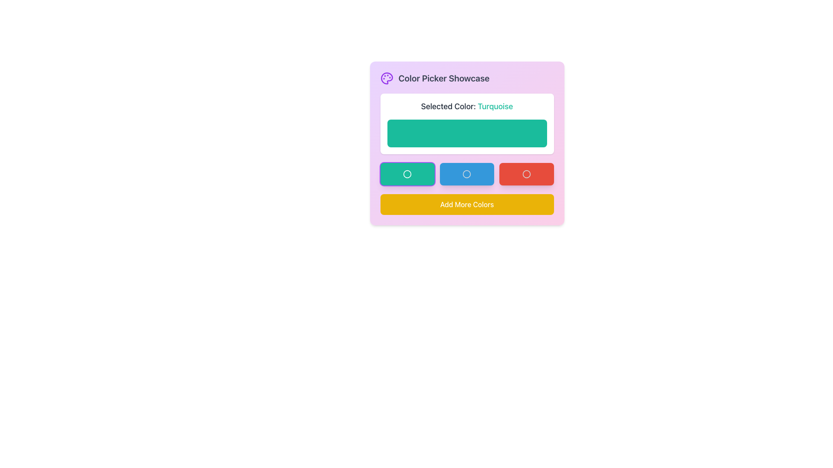  Describe the element at coordinates (386, 78) in the screenshot. I see `the color palette icon located in the top-left corner of the interface, adjacent to the 'Color Picker Showcase' text` at that location.